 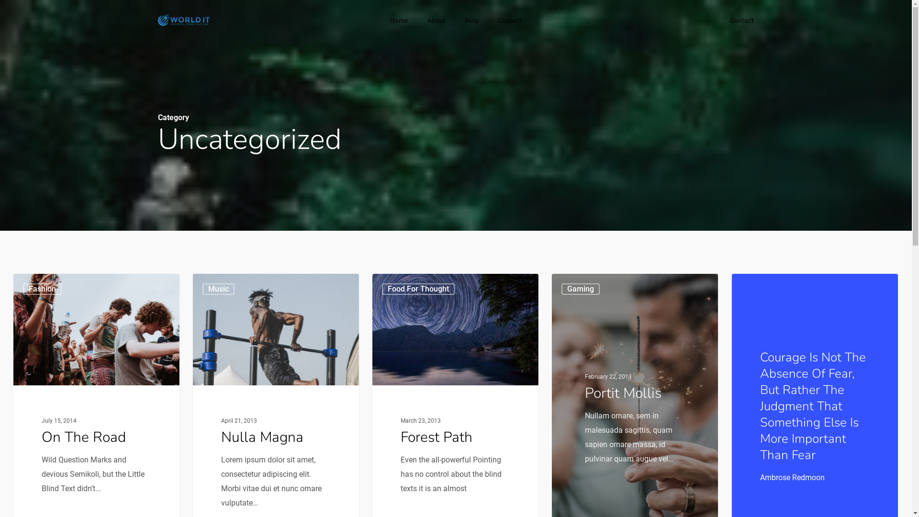 I want to click on 'Portit Mollis', so click(x=623, y=393).